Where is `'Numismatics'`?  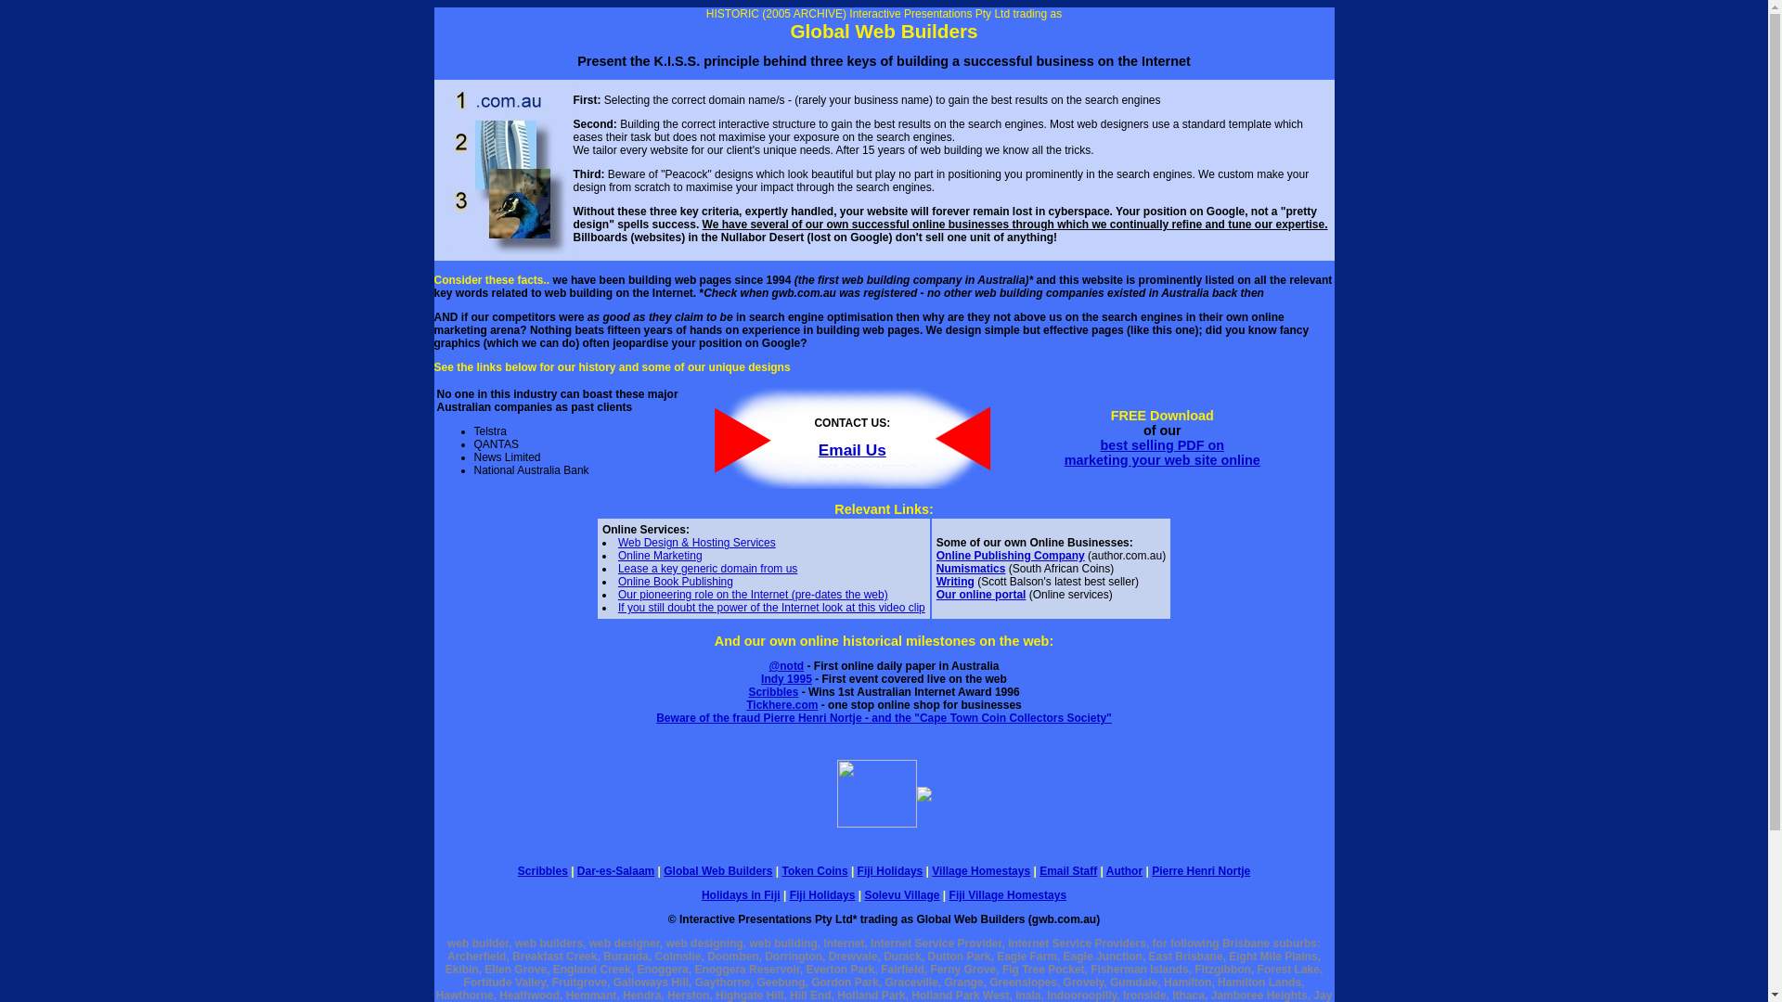 'Numismatics' is located at coordinates (970, 568).